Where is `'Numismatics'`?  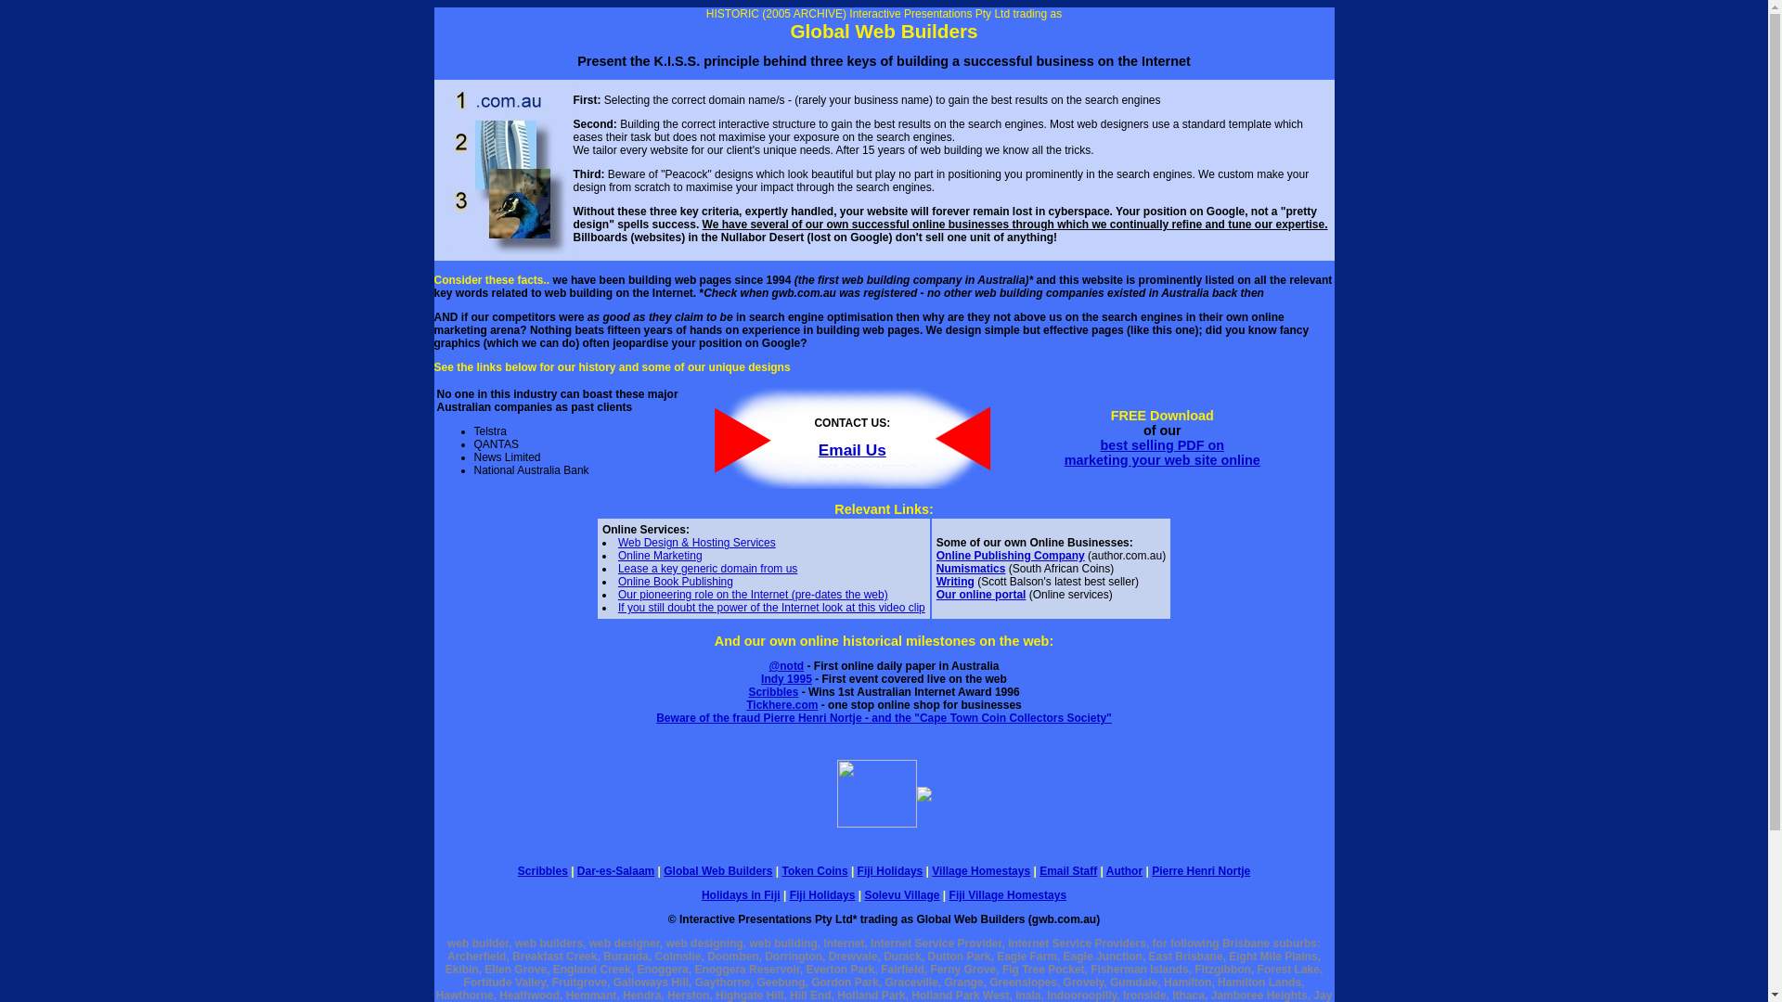 'Numismatics' is located at coordinates (970, 568).